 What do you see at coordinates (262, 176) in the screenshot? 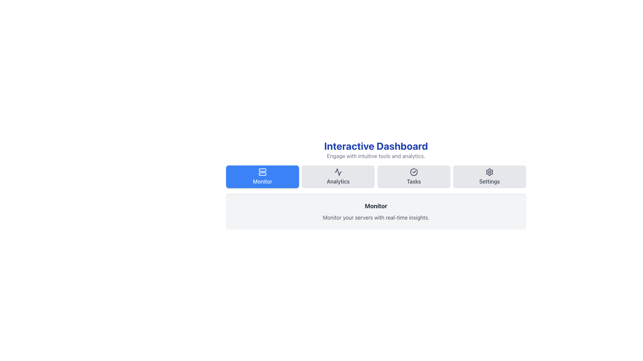
I see `the first button in the navigation section to potentially reveal more information or trigger a tooltip` at bounding box center [262, 176].